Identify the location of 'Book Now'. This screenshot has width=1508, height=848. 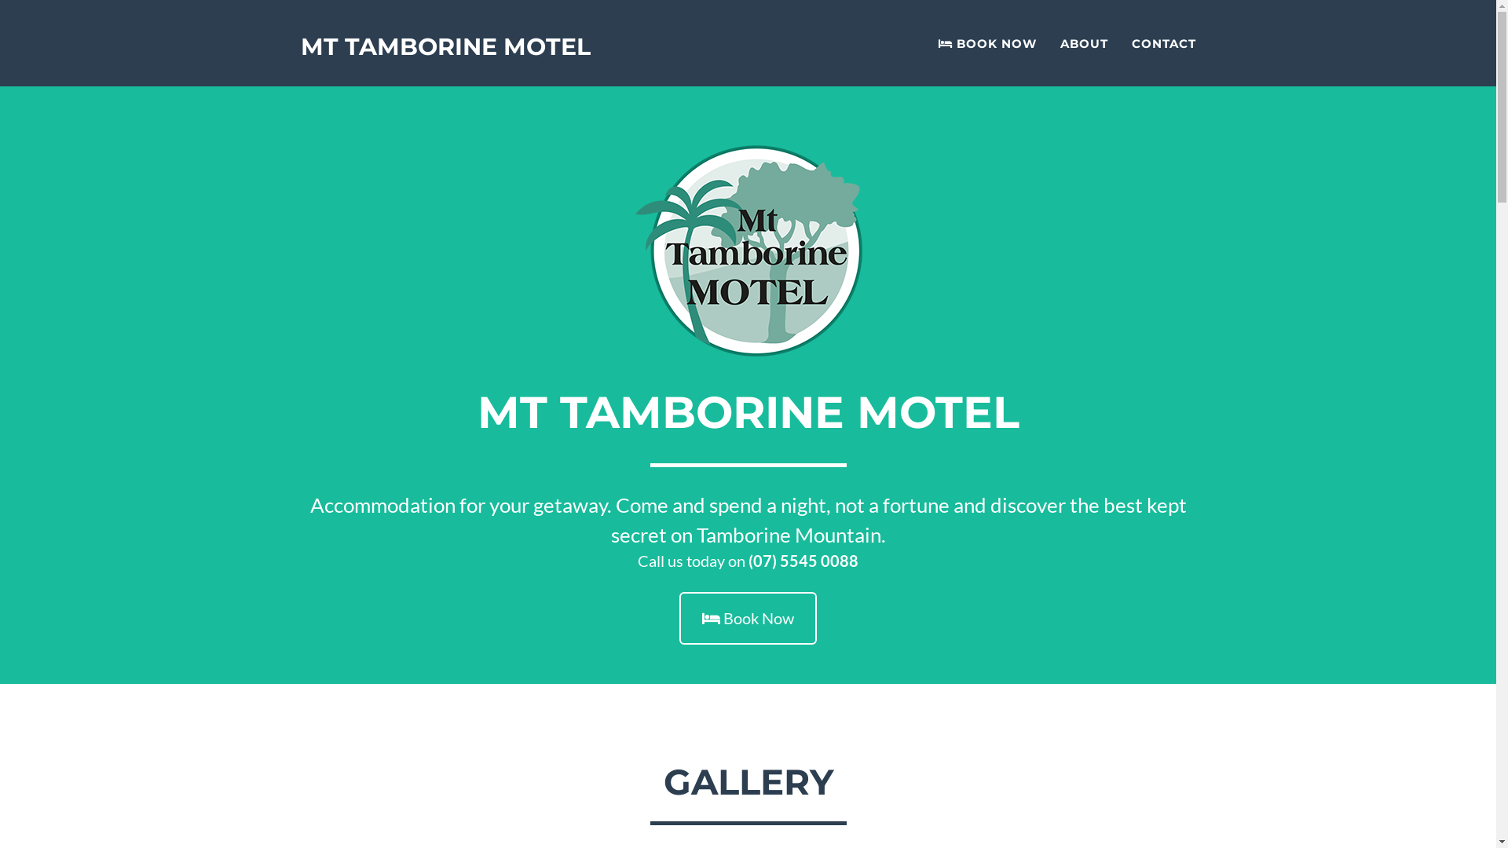
(679, 617).